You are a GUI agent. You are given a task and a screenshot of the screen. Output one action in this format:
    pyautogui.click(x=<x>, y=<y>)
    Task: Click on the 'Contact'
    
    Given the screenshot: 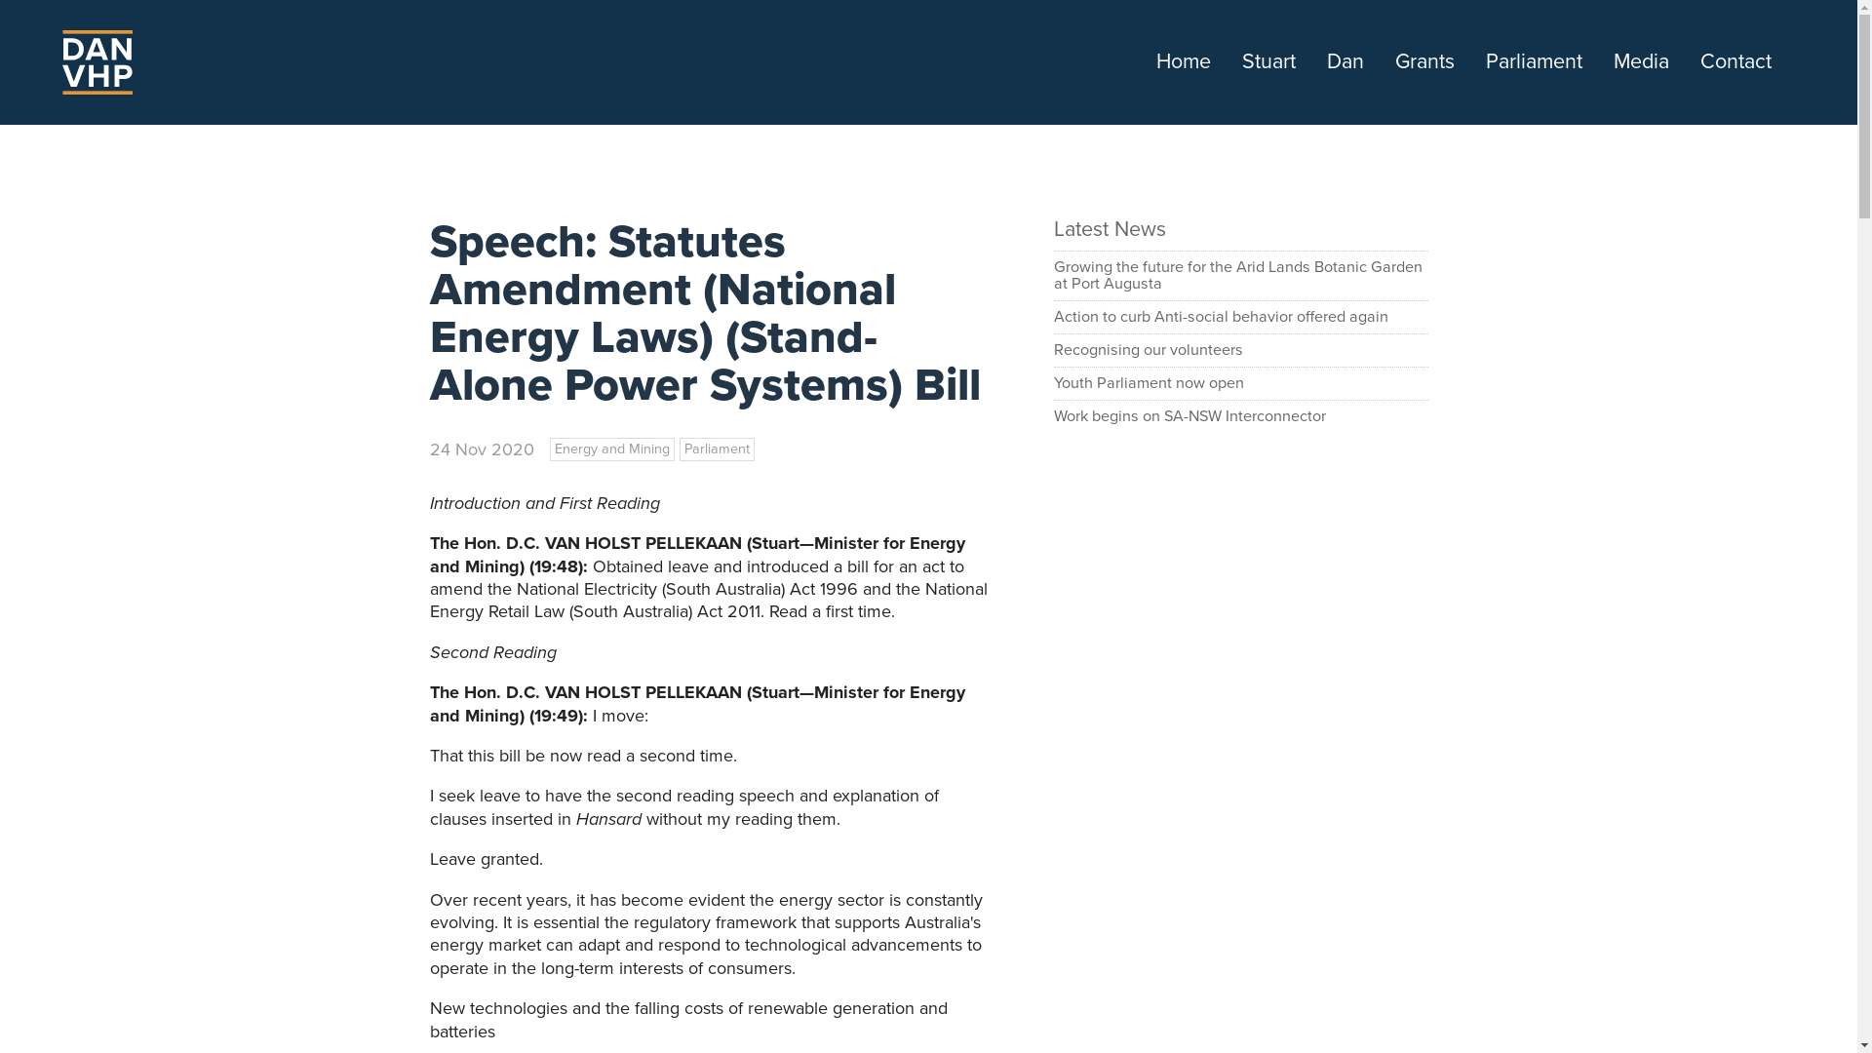 What is the action you would take?
    pyautogui.click(x=1735, y=60)
    